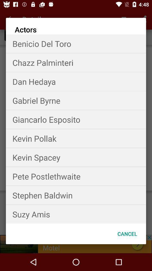 Image resolution: width=152 pixels, height=271 pixels. I want to click on the    chazz palminteri item, so click(76, 62).